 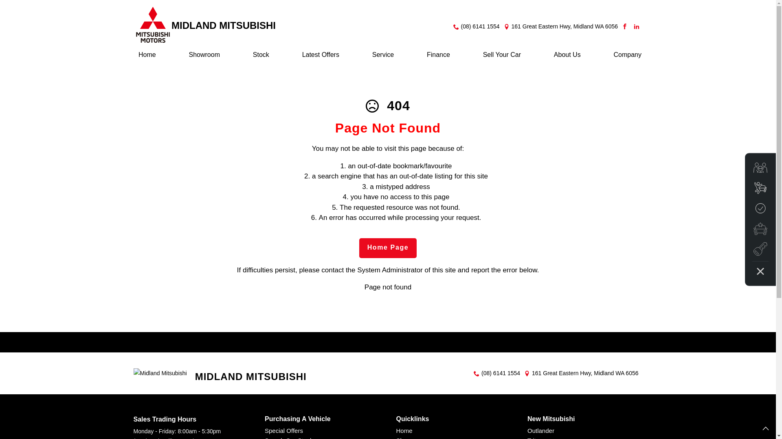 I want to click on 'Service', so click(x=382, y=57).